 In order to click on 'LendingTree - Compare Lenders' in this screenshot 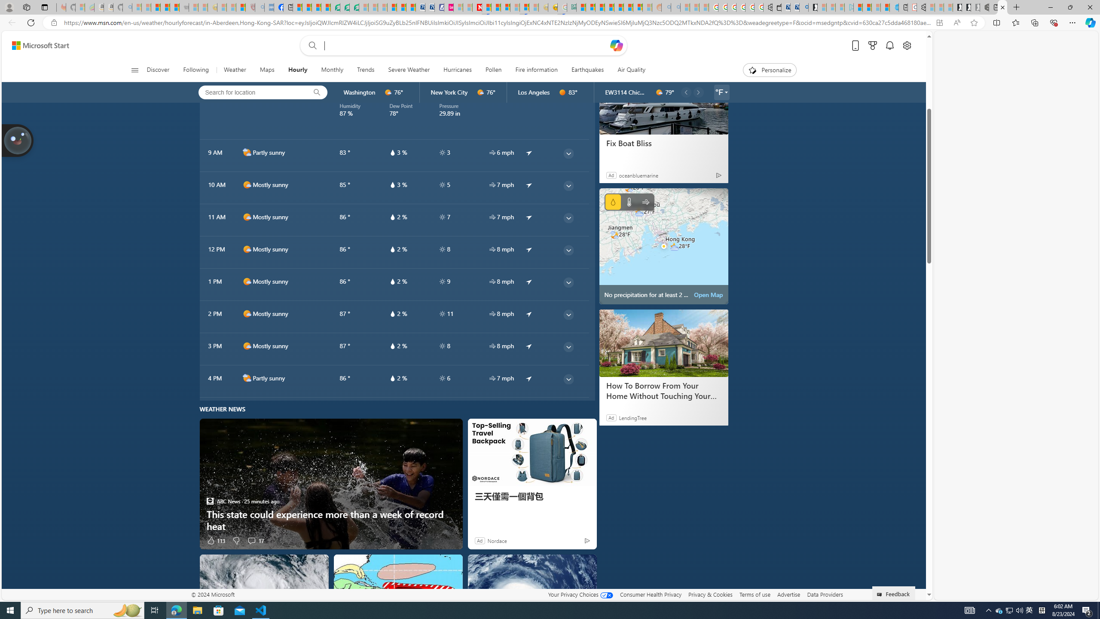, I will do `click(334, 7)`.